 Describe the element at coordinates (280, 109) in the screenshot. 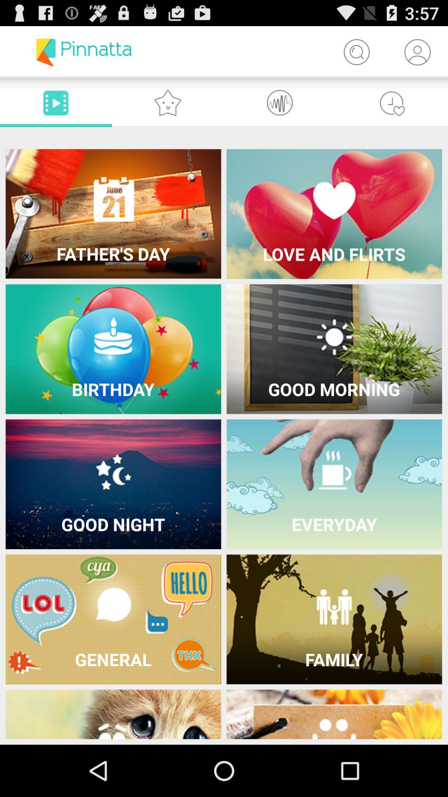

I see `the swap icon` at that location.